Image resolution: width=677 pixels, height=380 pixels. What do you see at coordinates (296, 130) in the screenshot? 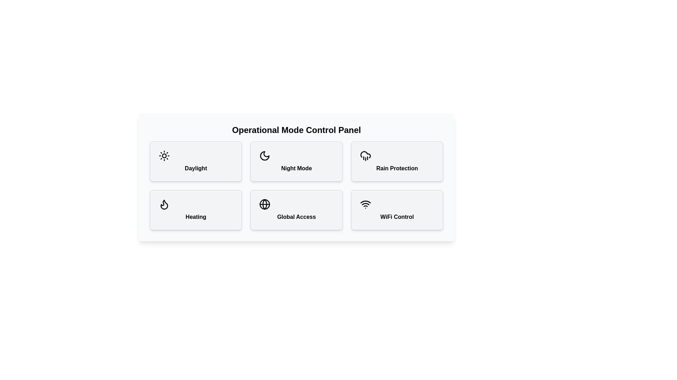
I see `the main heading labeled 'Operational Mode Control Panel'` at bounding box center [296, 130].